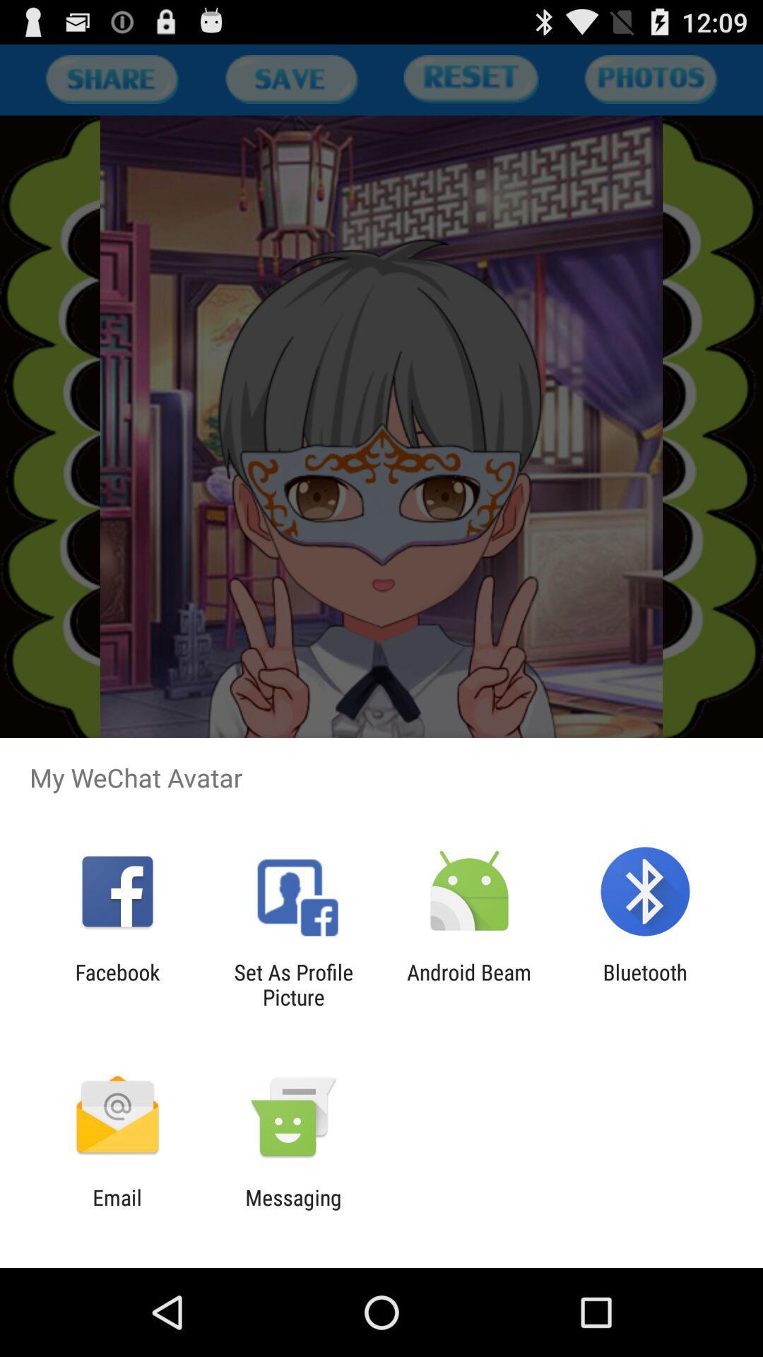 This screenshot has width=763, height=1357. What do you see at coordinates (292, 1209) in the screenshot?
I see `messaging icon` at bounding box center [292, 1209].